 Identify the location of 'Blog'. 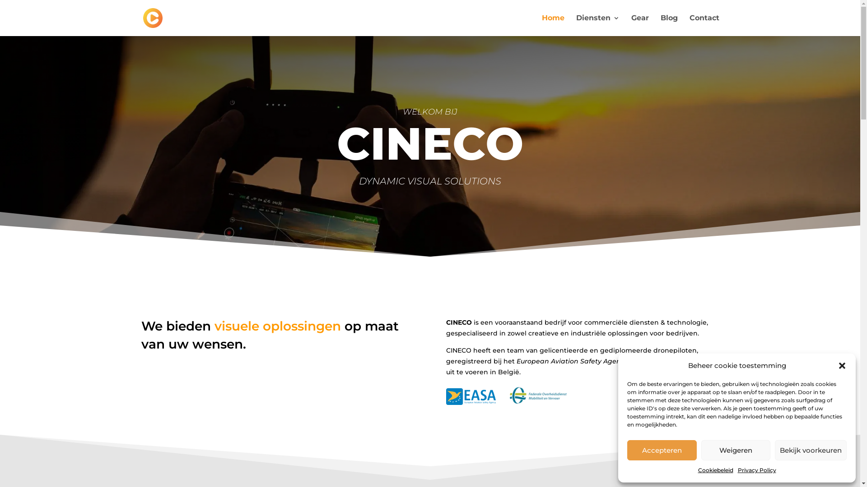
(660, 25).